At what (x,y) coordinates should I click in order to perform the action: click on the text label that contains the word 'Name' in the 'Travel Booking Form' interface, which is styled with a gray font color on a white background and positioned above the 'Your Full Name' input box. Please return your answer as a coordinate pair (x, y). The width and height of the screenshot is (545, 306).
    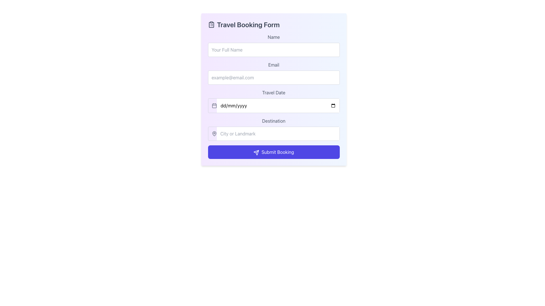
    Looking at the image, I should click on (274, 37).